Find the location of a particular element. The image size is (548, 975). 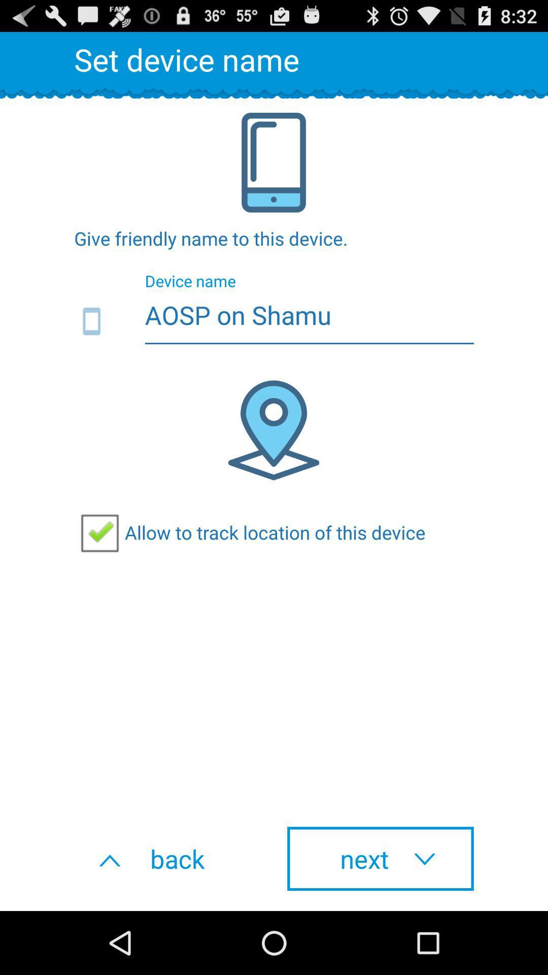

item at the bottom right corner is located at coordinates (380, 858).